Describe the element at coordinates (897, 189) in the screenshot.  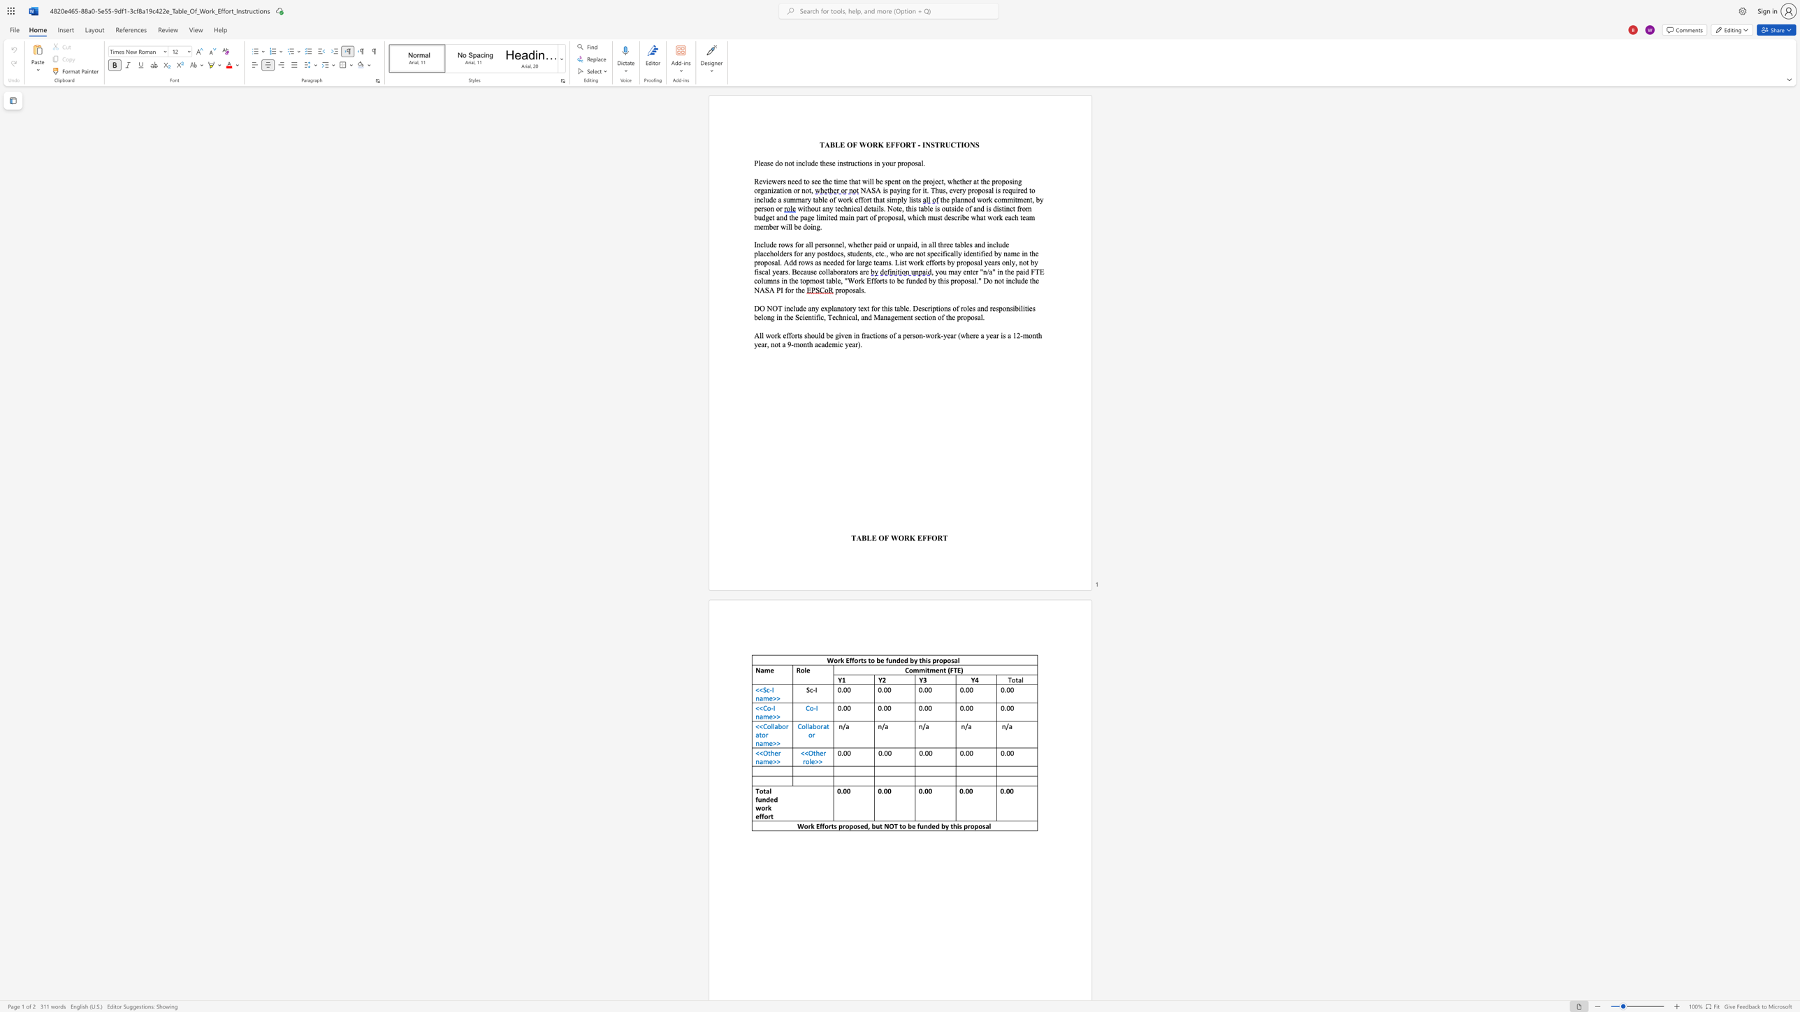
I see `the subset text "ying for it. Thus" within the text "NASA is paying for it. Thus, every proposal is"` at that location.